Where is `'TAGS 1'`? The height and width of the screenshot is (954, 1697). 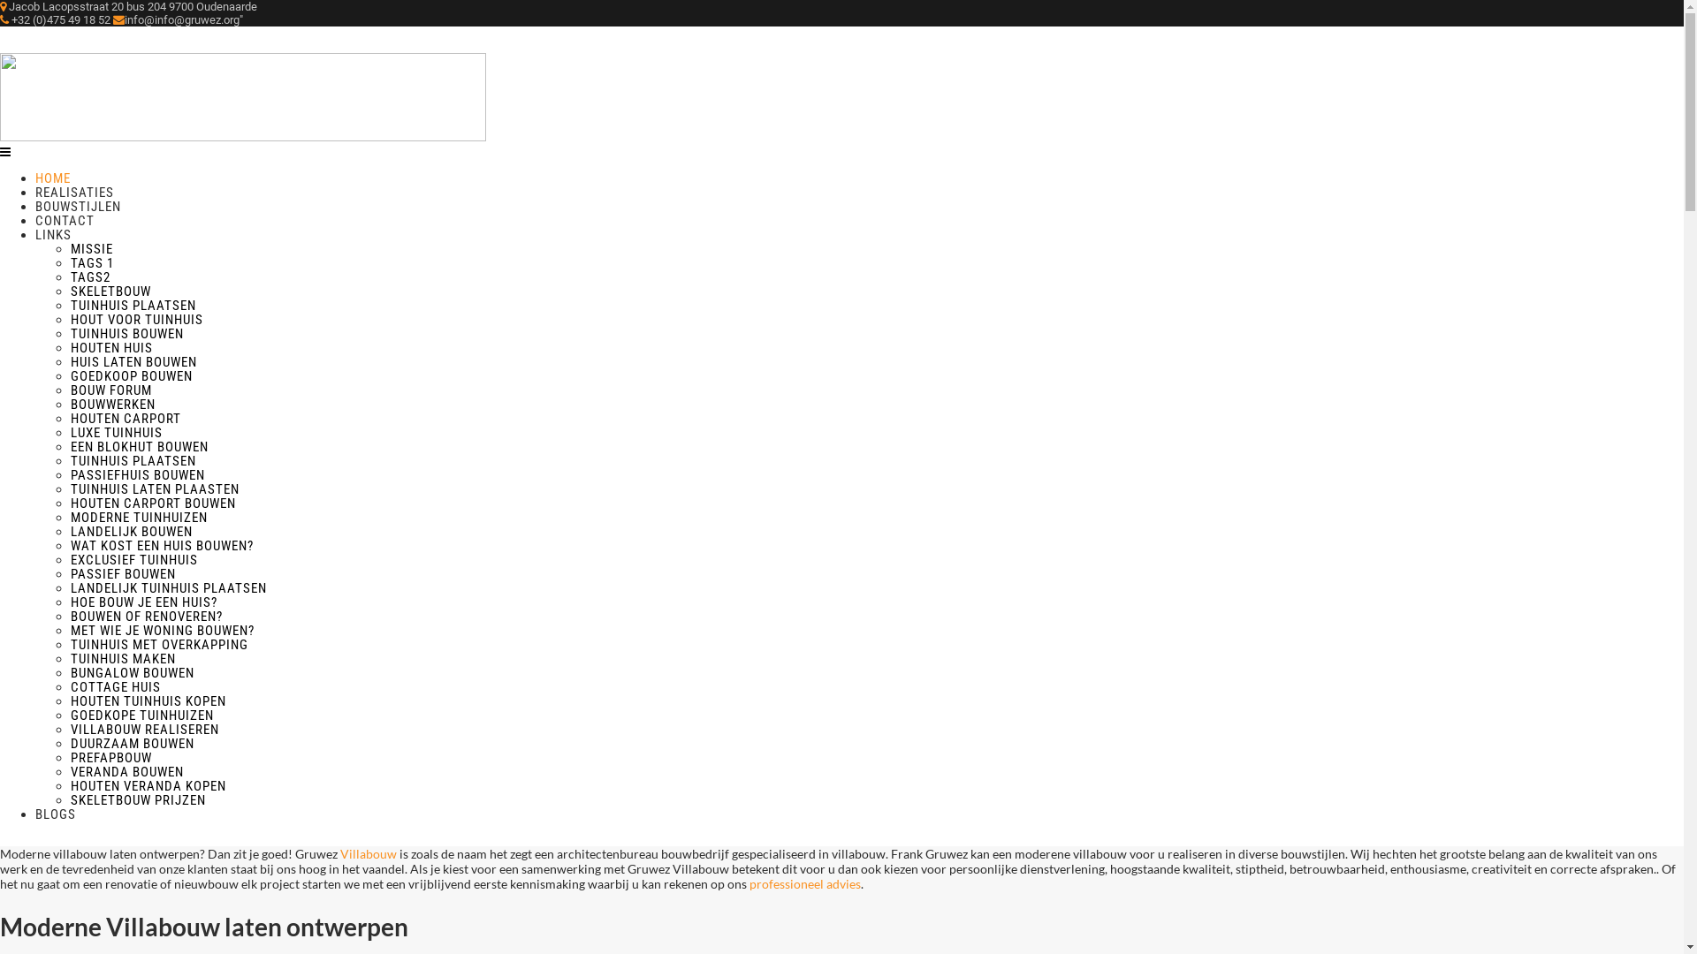 'TAGS 1' is located at coordinates (91, 262).